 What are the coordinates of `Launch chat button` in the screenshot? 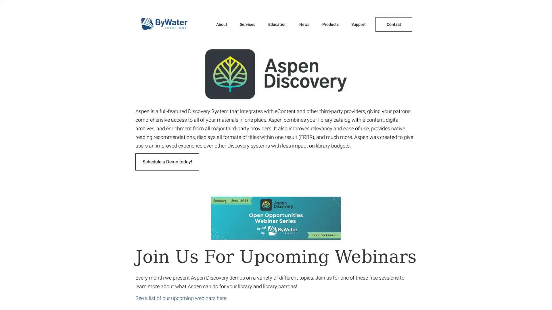 It's located at (537, 297).